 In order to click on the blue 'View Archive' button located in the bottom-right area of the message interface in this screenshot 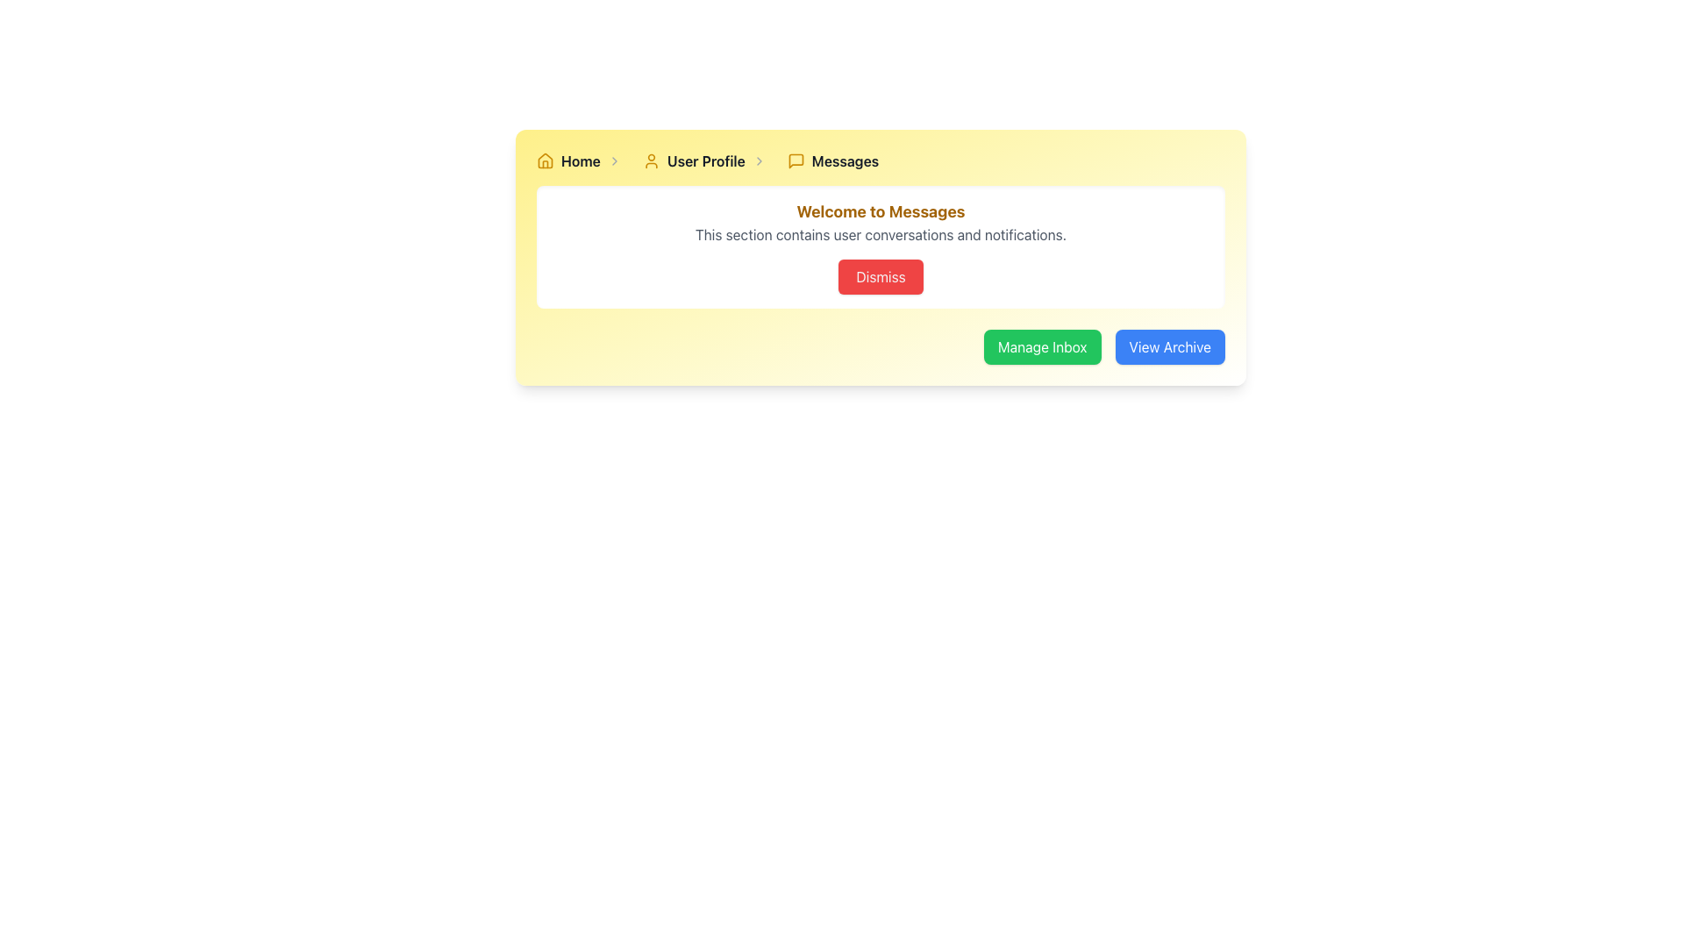, I will do `click(1170, 347)`.